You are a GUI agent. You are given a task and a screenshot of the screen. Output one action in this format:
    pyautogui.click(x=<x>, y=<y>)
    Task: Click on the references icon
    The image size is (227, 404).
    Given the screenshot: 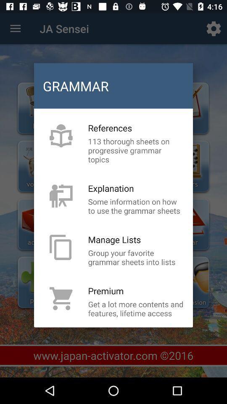 What is the action you would take?
    pyautogui.click(x=110, y=128)
    